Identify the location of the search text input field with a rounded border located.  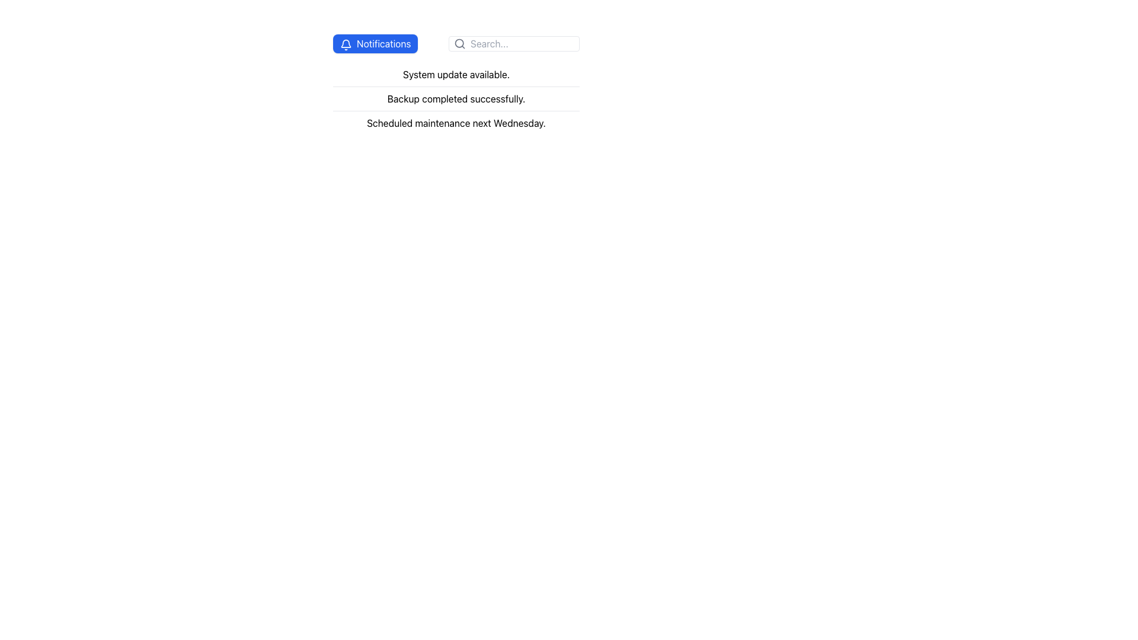
(455, 43).